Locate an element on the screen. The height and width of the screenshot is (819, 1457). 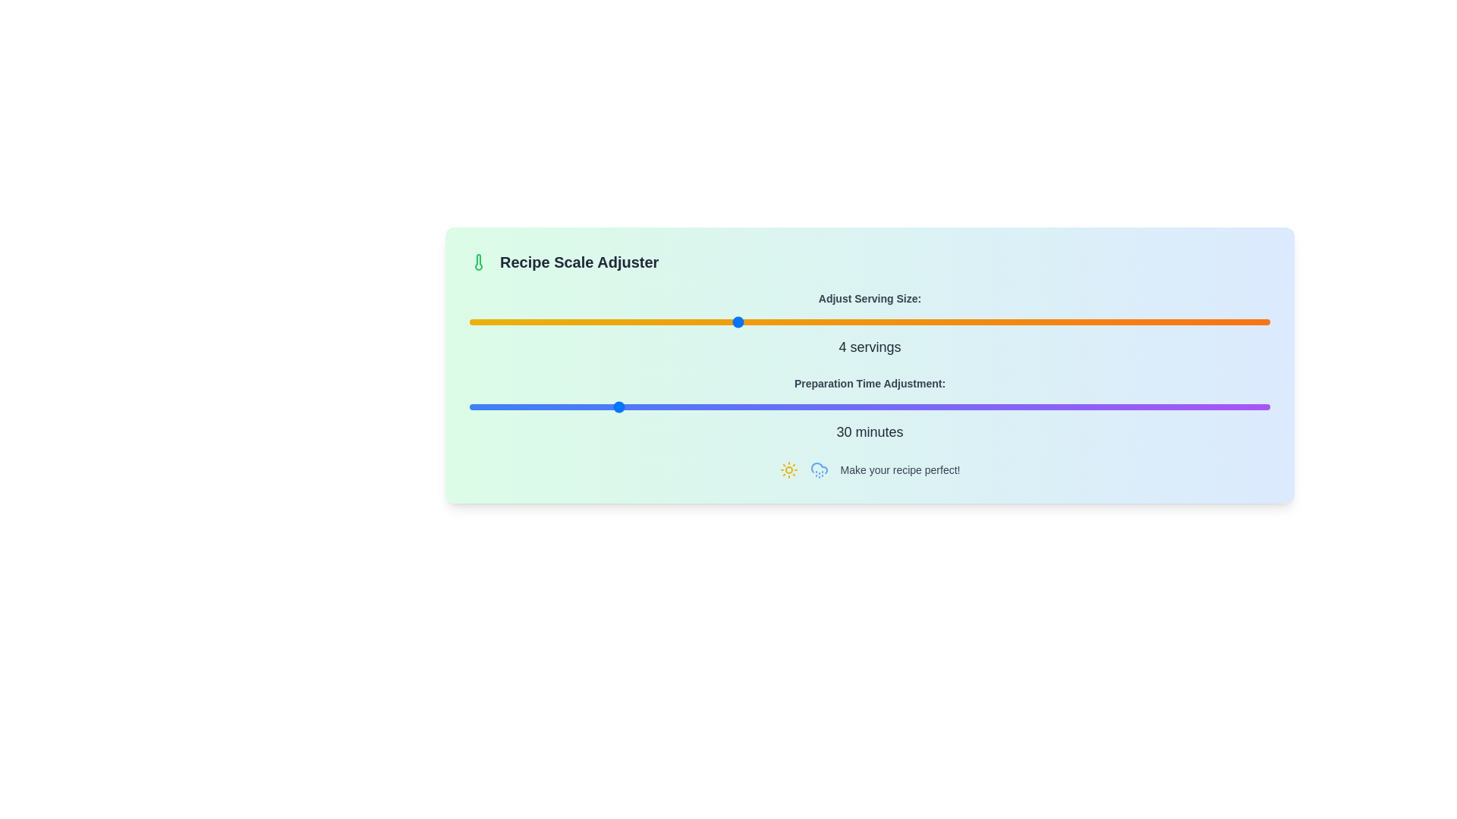
the horizontal range slider with a gradient background transitioning from yellow to orange, which is located under 'Adjust Serving Size:' and above '4 servings' in the 'Recipe Scale Adjuster' section is located at coordinates (870, 321).